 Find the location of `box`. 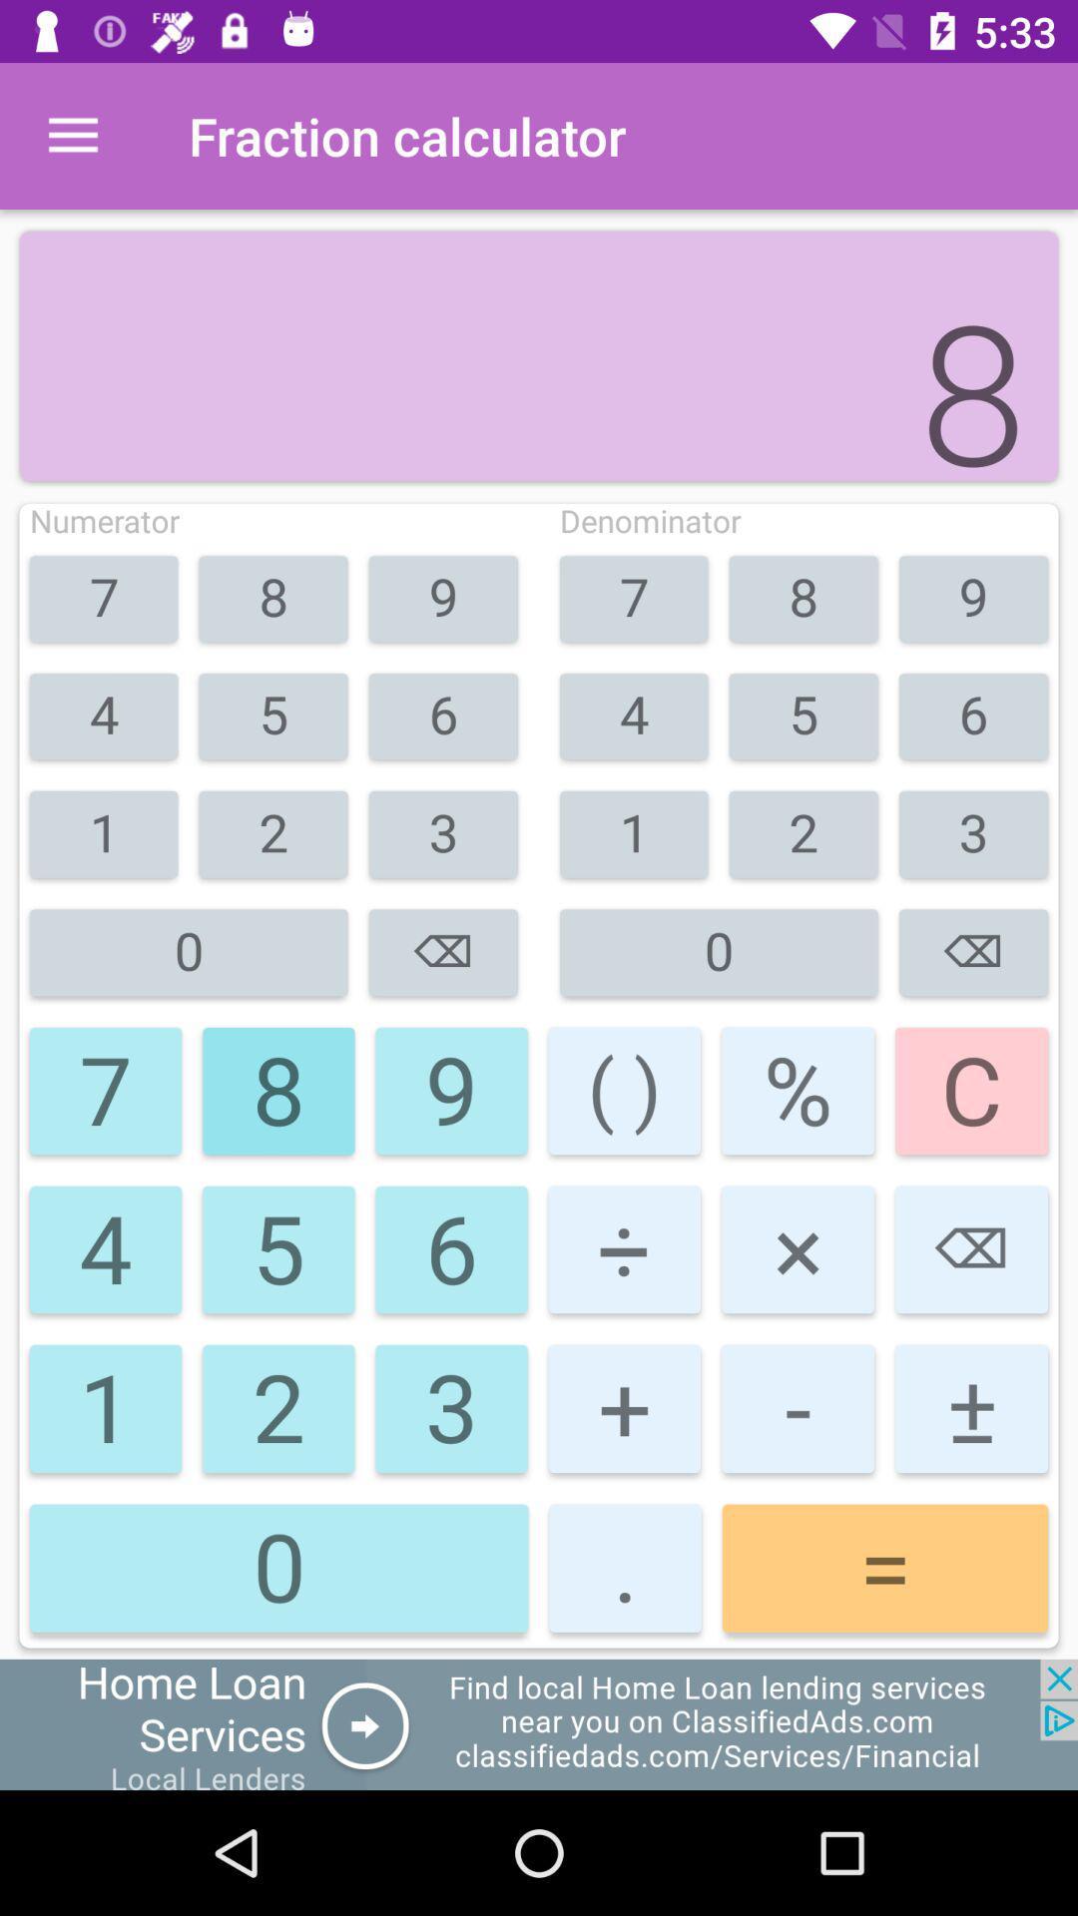

box is located at coordinates (539, 1723).